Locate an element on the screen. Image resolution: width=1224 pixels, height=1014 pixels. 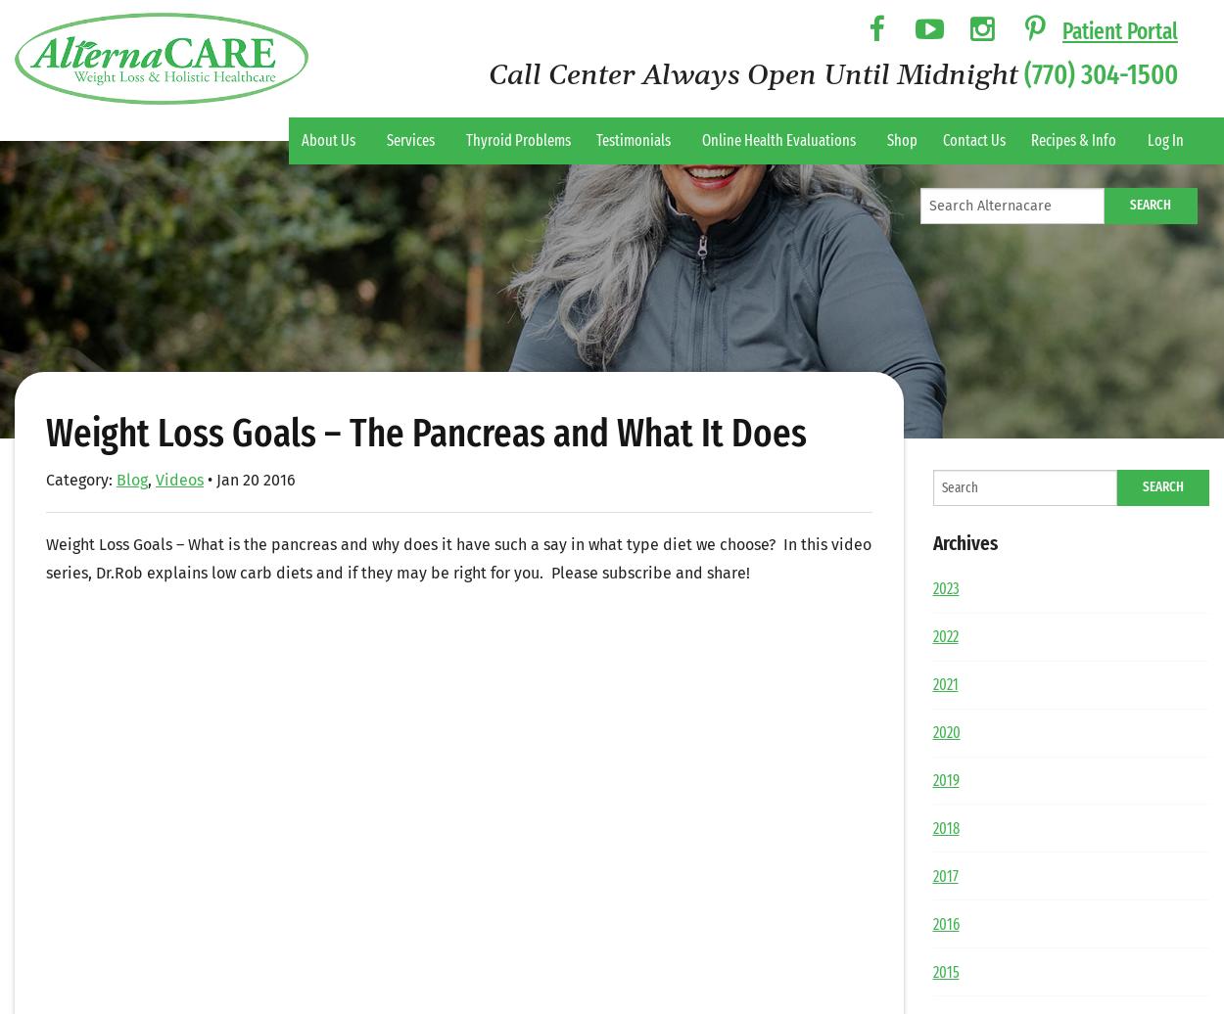
'2018' is located at coordinates (944, 827).